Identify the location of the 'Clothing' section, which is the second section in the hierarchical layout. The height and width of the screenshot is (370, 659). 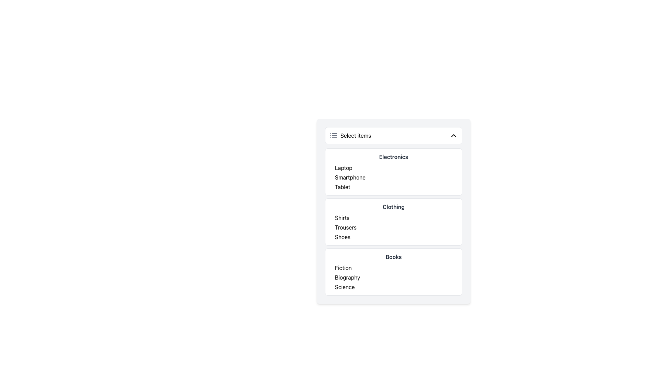
(394, 222).